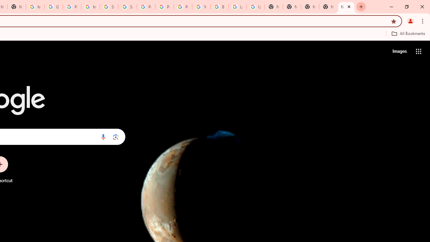 This screenshot has width=430, height=242. Describe the element at coordinates (103, 136) in the screenshot. I see `'Search by voice'` at that location.